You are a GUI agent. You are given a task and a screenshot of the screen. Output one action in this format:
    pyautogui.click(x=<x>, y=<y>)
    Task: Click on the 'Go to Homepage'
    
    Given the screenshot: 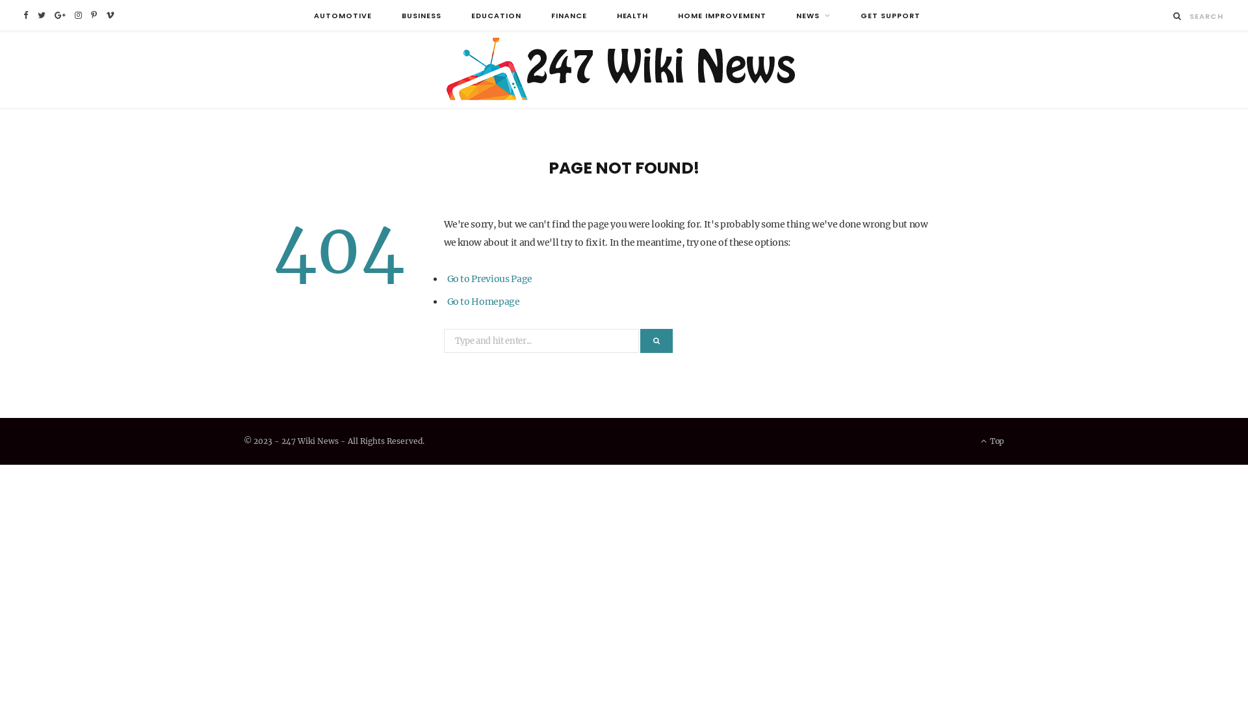 What is the action you would take?
    pyautogui.click(x=483, y=301)
    